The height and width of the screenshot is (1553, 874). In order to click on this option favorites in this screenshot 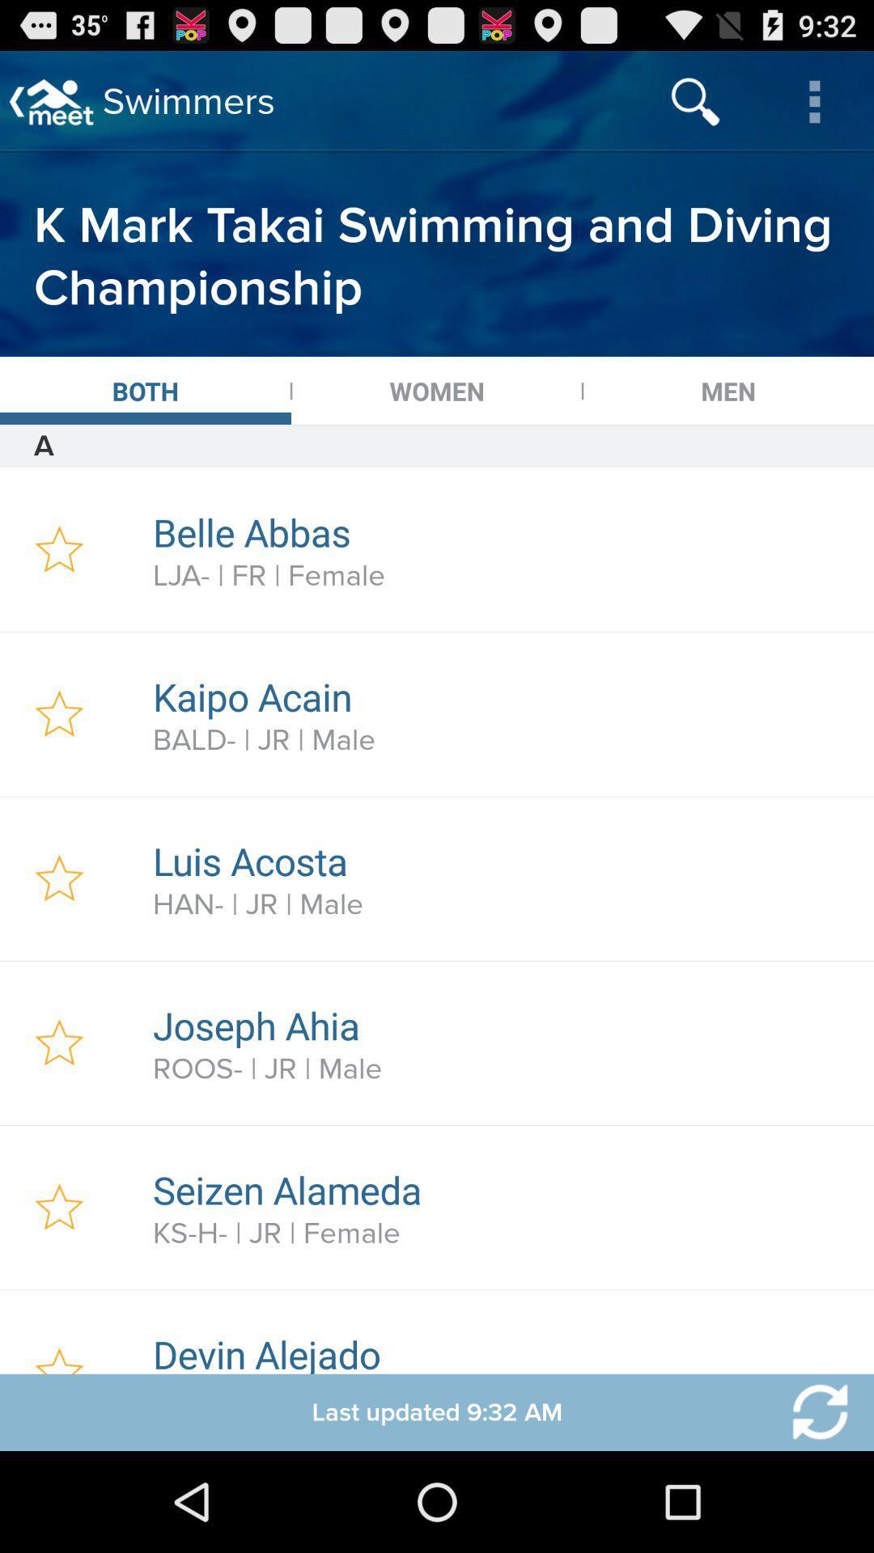, I will do `click(58, 878)`.